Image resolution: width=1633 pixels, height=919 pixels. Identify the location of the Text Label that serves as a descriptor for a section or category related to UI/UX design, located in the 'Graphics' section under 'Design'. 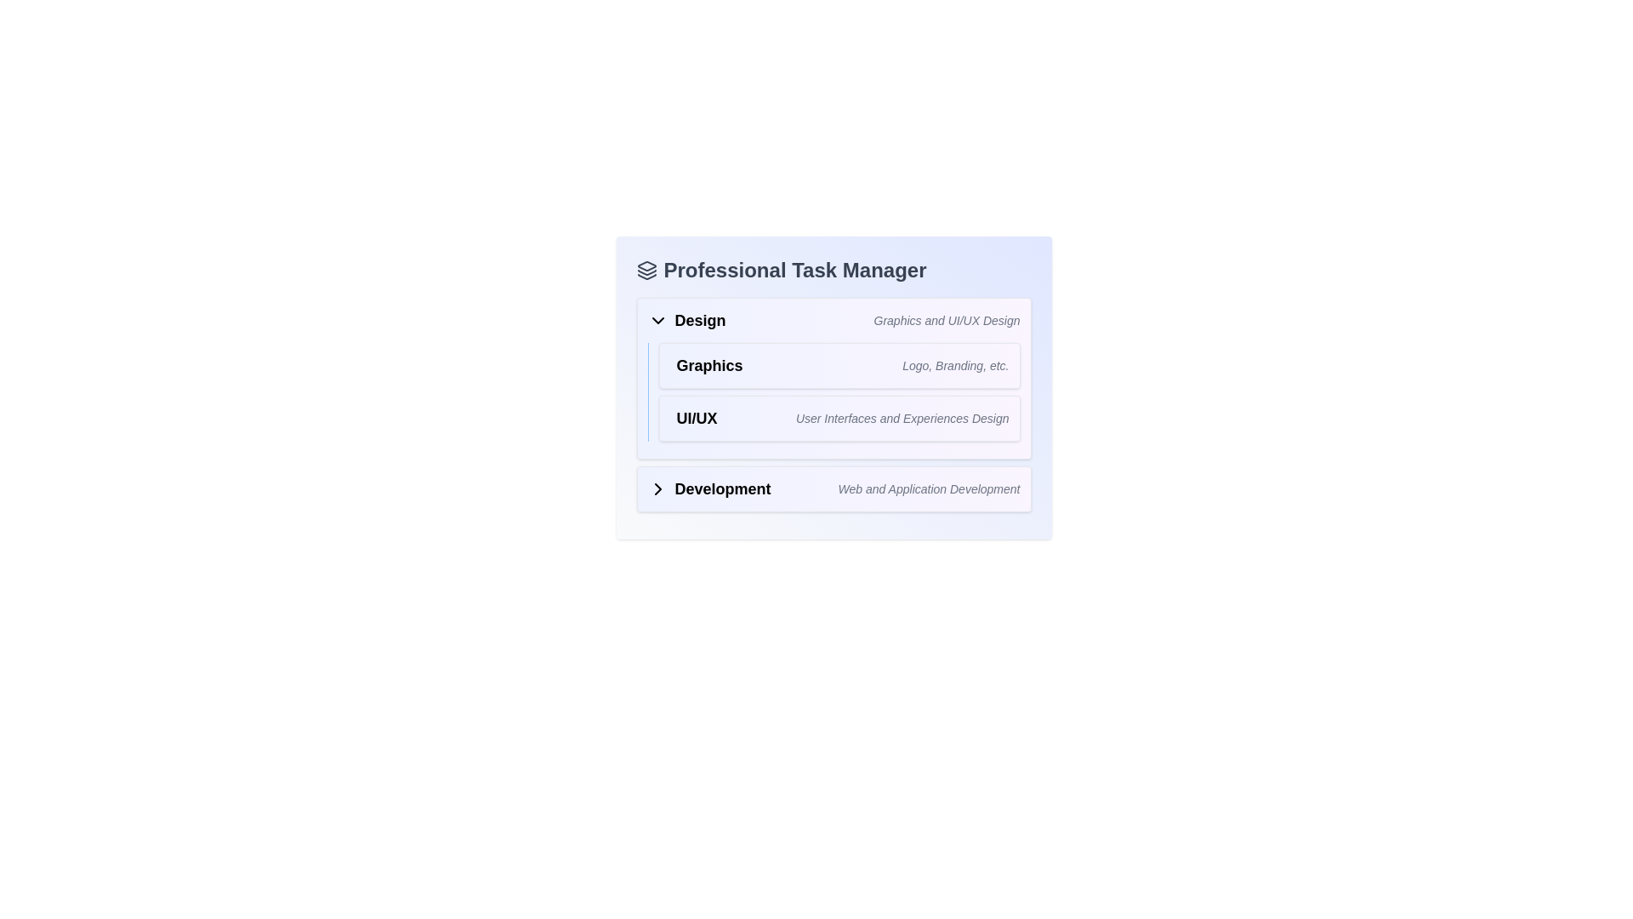
(697, 419).